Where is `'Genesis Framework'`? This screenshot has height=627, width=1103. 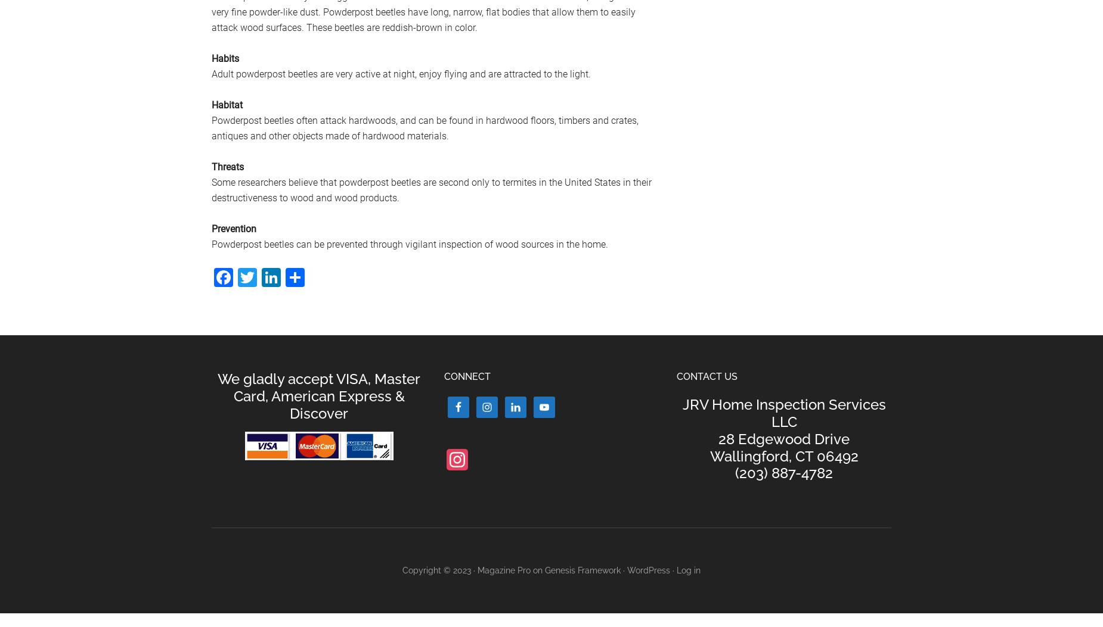 'Genesis Framework' is located at coordinates (582, 570).